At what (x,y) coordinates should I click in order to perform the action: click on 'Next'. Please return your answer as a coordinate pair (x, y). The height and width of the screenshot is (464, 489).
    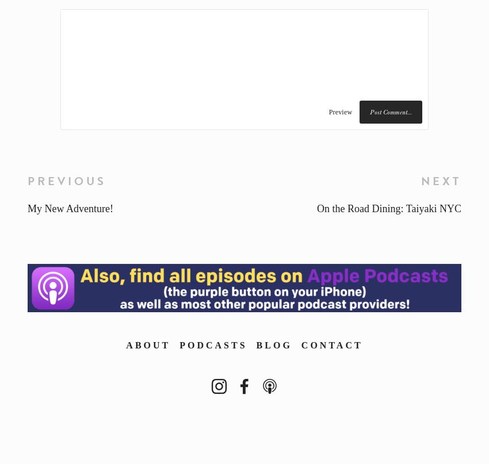
    Looking at the image, I should click on (441, 180).